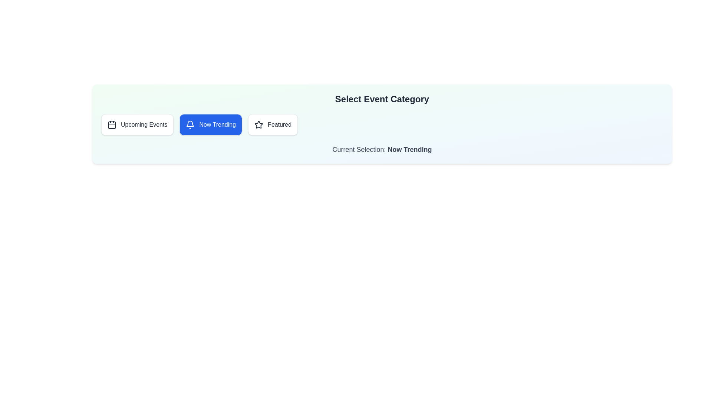  I want to click on the 'Featured' text label, which is styled with black font and positioned adjacent to a star icon, so click(279, 124).